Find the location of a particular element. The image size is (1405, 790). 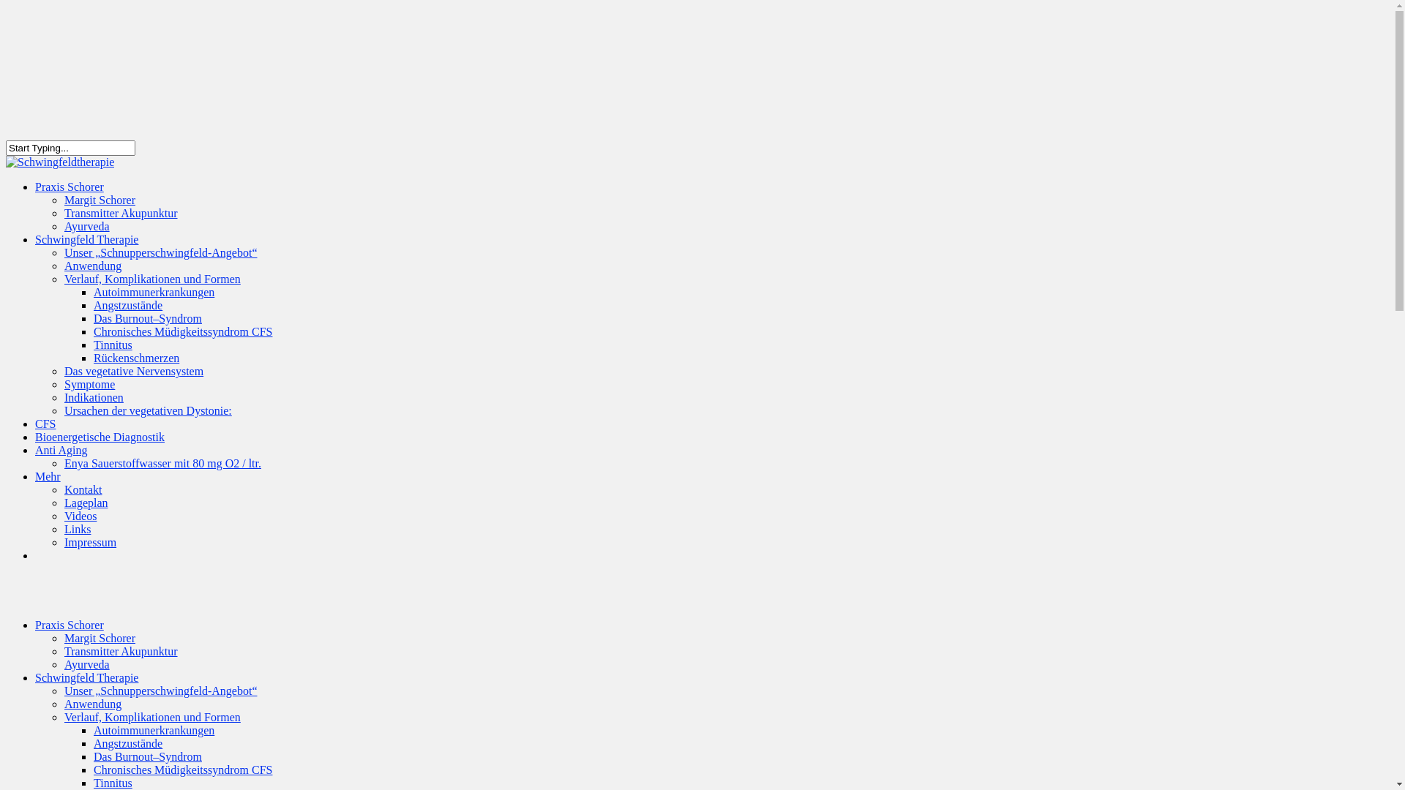

'Ursachen der vegetativen Dystonie:' is located at coordinates (148, 410).